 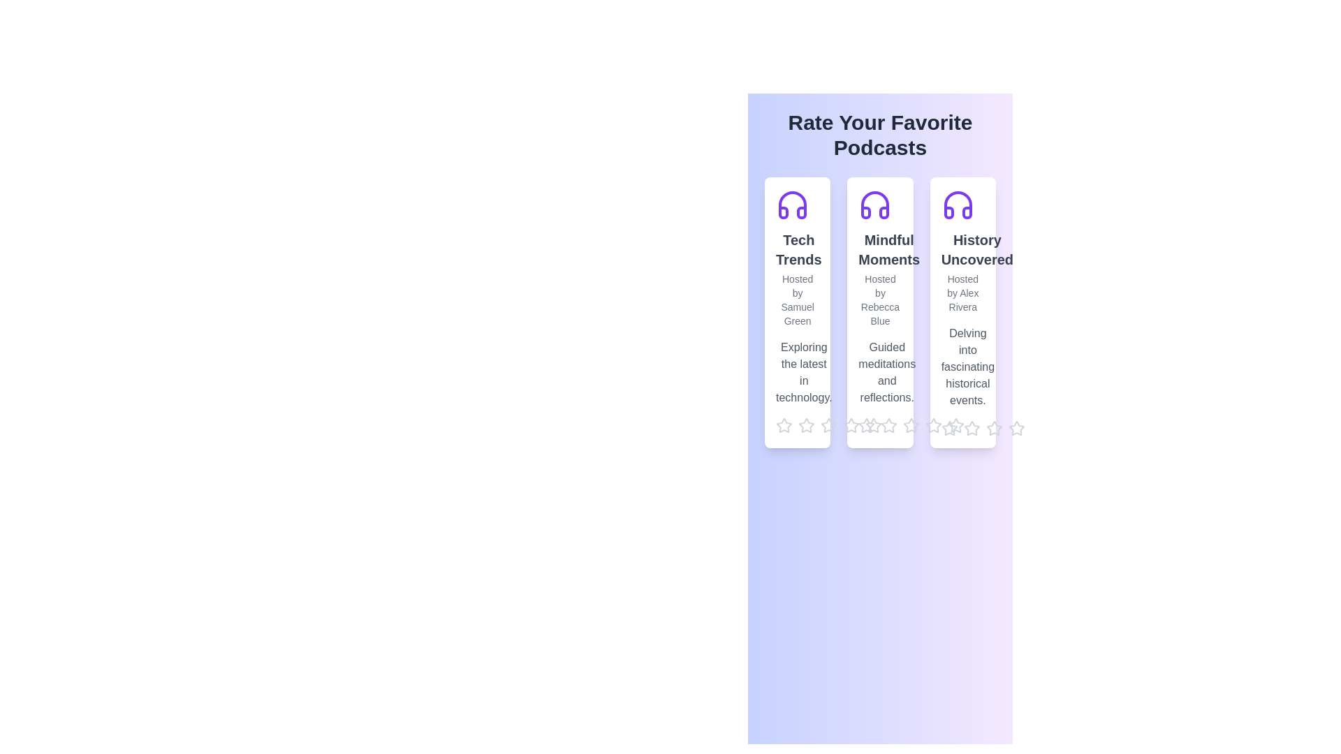 What do you see at coordinates (879, 311) in the screenshot?
I see `the podcast card titled Mindful Moments` at bounding box center [879, 311].